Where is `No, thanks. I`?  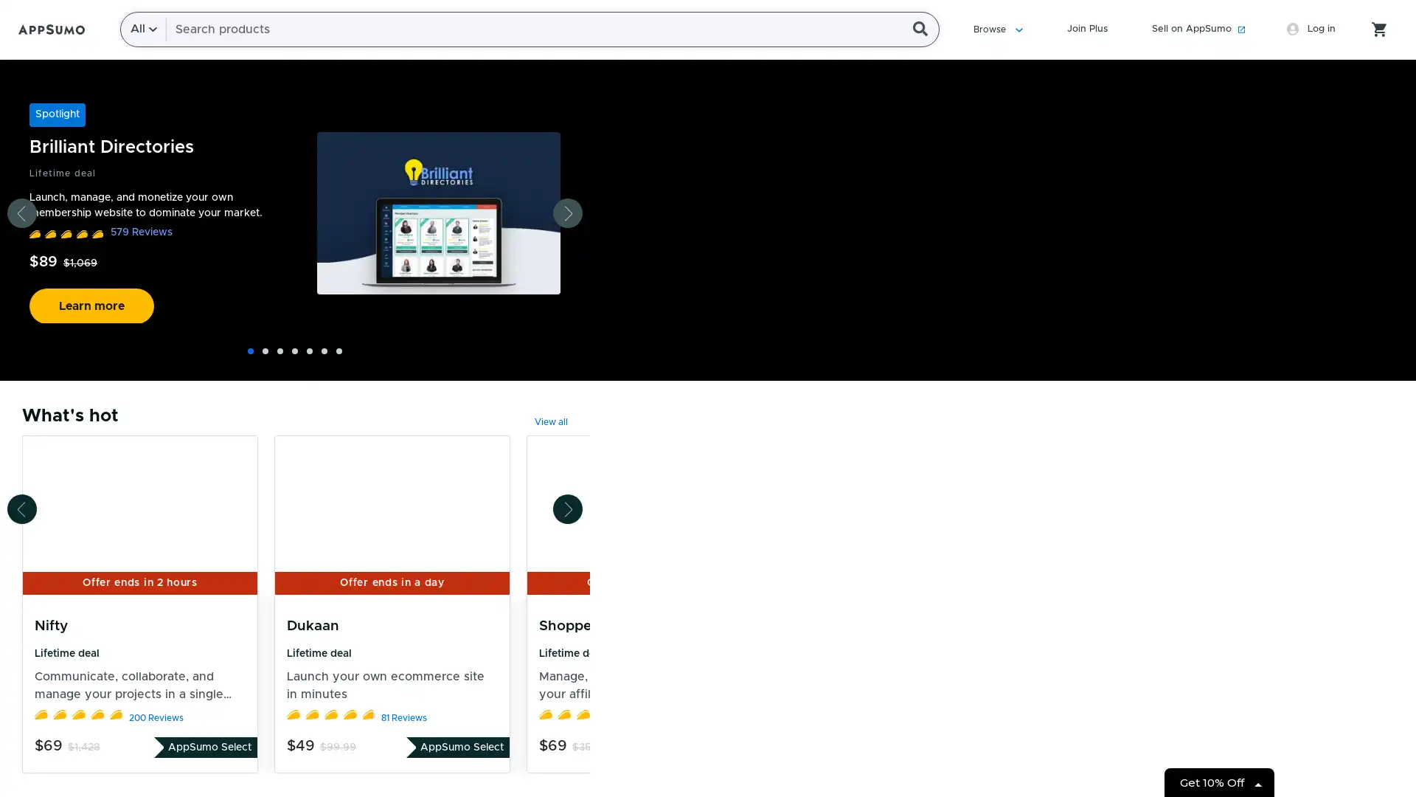 No, thanks. I is located at coordinates (711, 395).